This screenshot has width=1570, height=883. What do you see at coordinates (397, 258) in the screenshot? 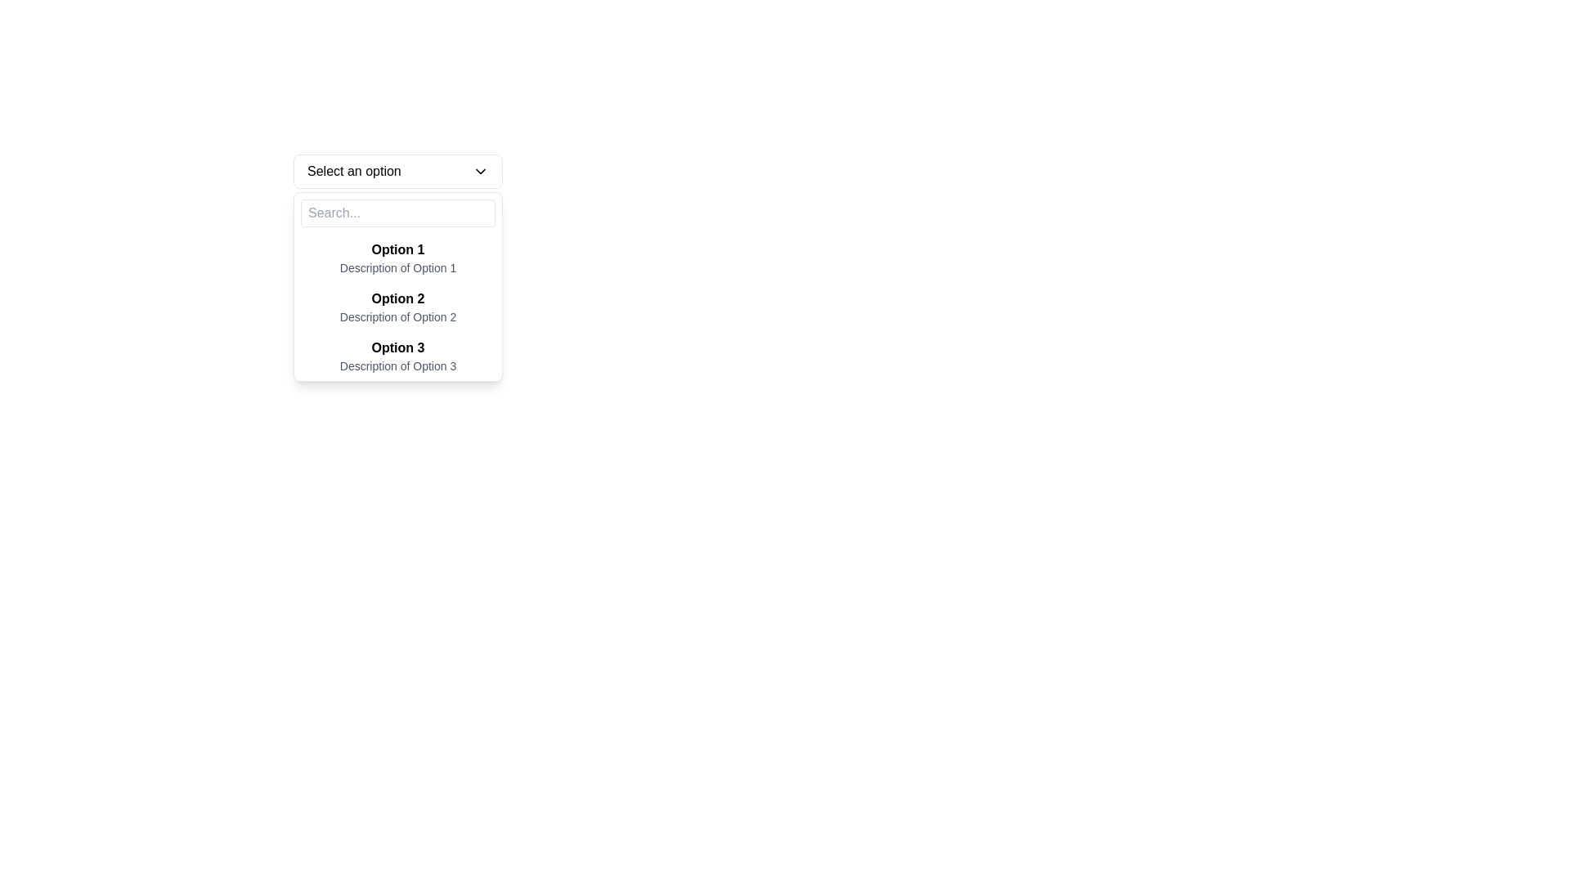
I see `the top selectable option in the dropdown menu` at bounding box center [397, 258].